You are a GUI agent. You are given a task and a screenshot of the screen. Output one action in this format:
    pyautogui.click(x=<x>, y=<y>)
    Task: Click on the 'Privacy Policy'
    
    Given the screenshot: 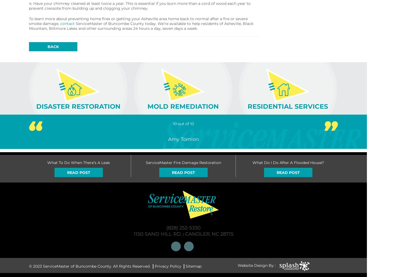 What is the action you would take?
    pyautogui.click(x=168, y=266)
    